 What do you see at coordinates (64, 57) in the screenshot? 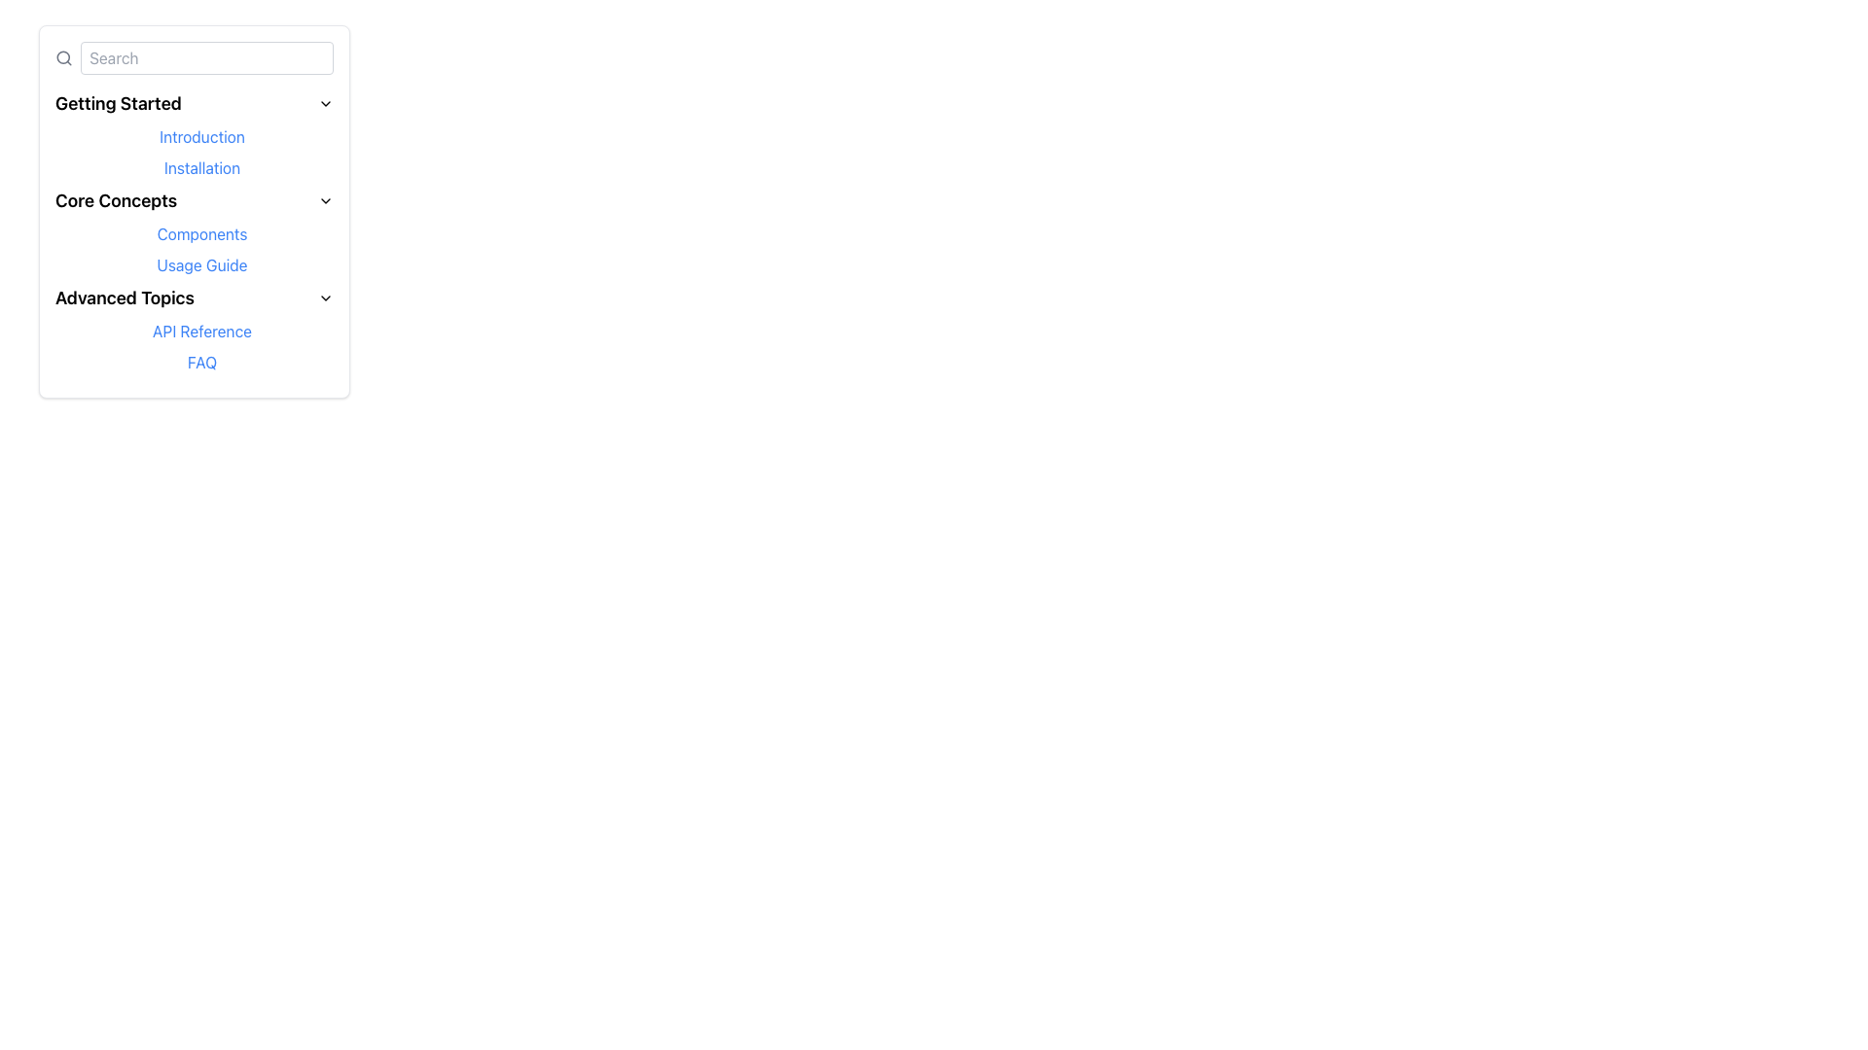
I see `the gray magnifying glass icon, which is a modern search symbol located to the left of the input field with the placeholder text 'Search'` at bounding box center [64, 57].